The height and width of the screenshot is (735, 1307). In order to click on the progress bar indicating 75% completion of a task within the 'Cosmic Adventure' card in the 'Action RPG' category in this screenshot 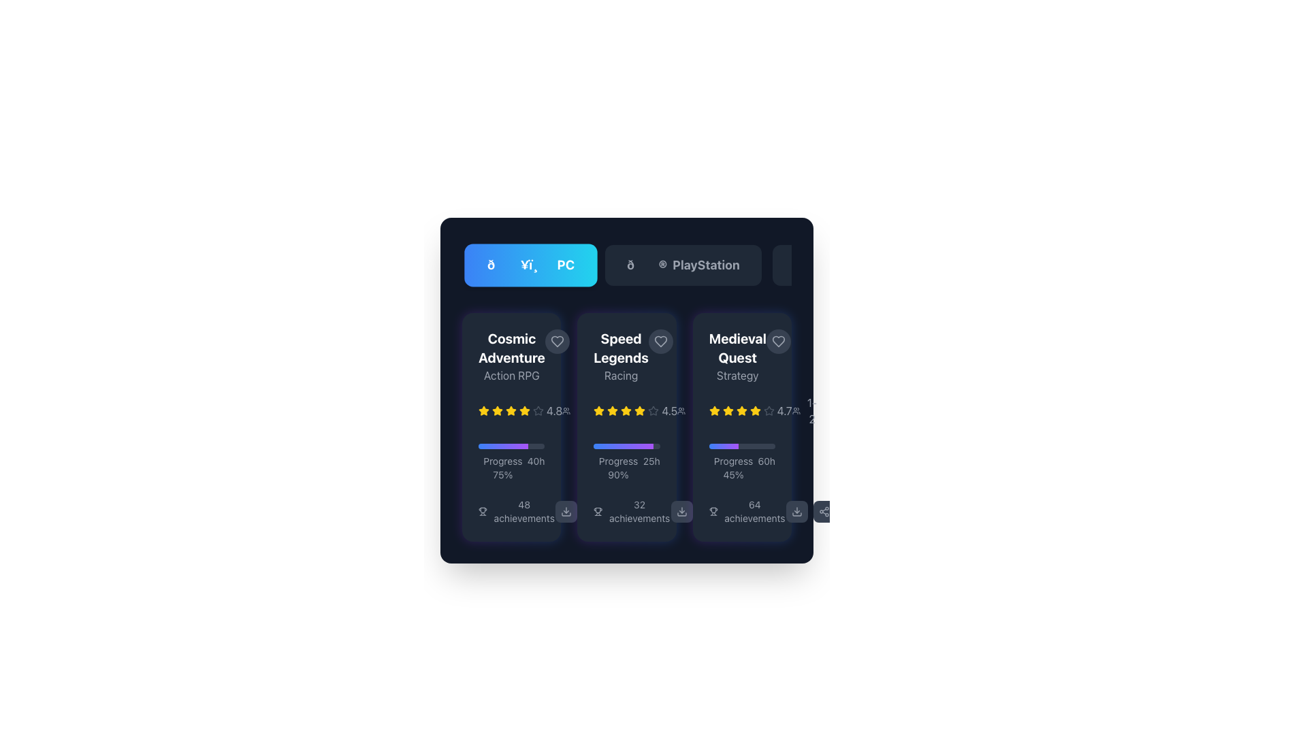, I will do `click(511, 461)`.